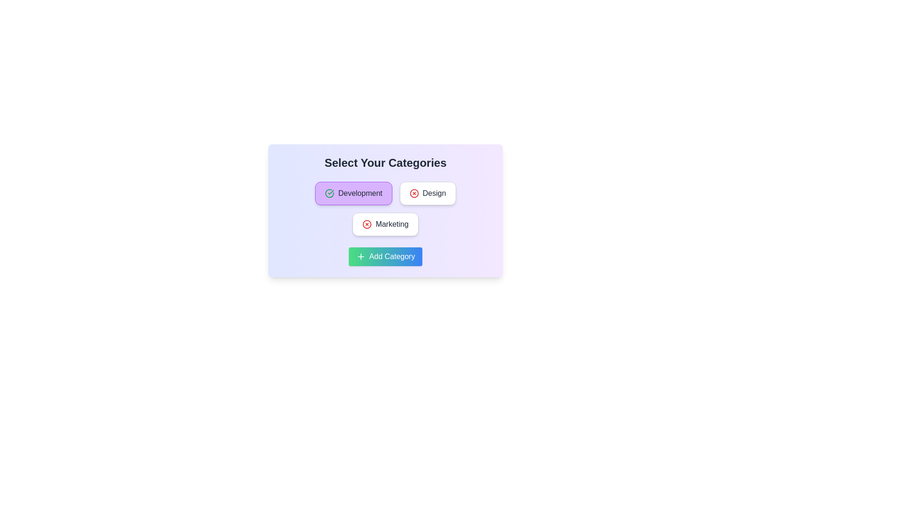  Describe the element at coordinates (427, 193) in the screenshot. I see `the chip labeled 'Design' by clicking on it` at that location.